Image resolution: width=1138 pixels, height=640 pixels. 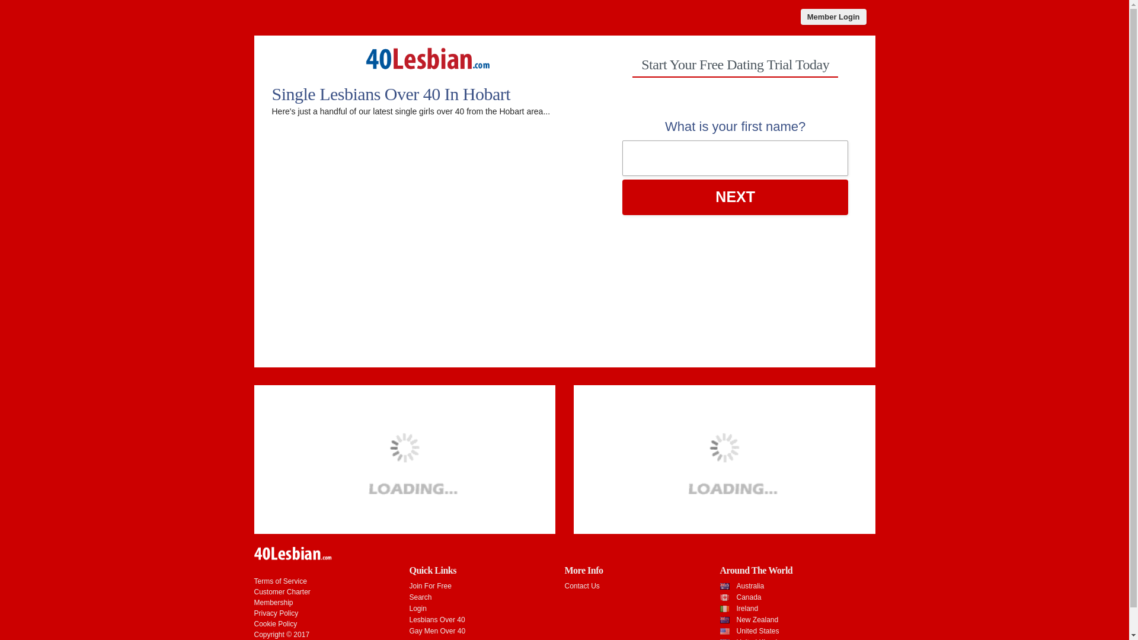 What do you see at coordinates (409, 608) in the screenshot?
I see `'Login'` at bounding box center [409, 608].